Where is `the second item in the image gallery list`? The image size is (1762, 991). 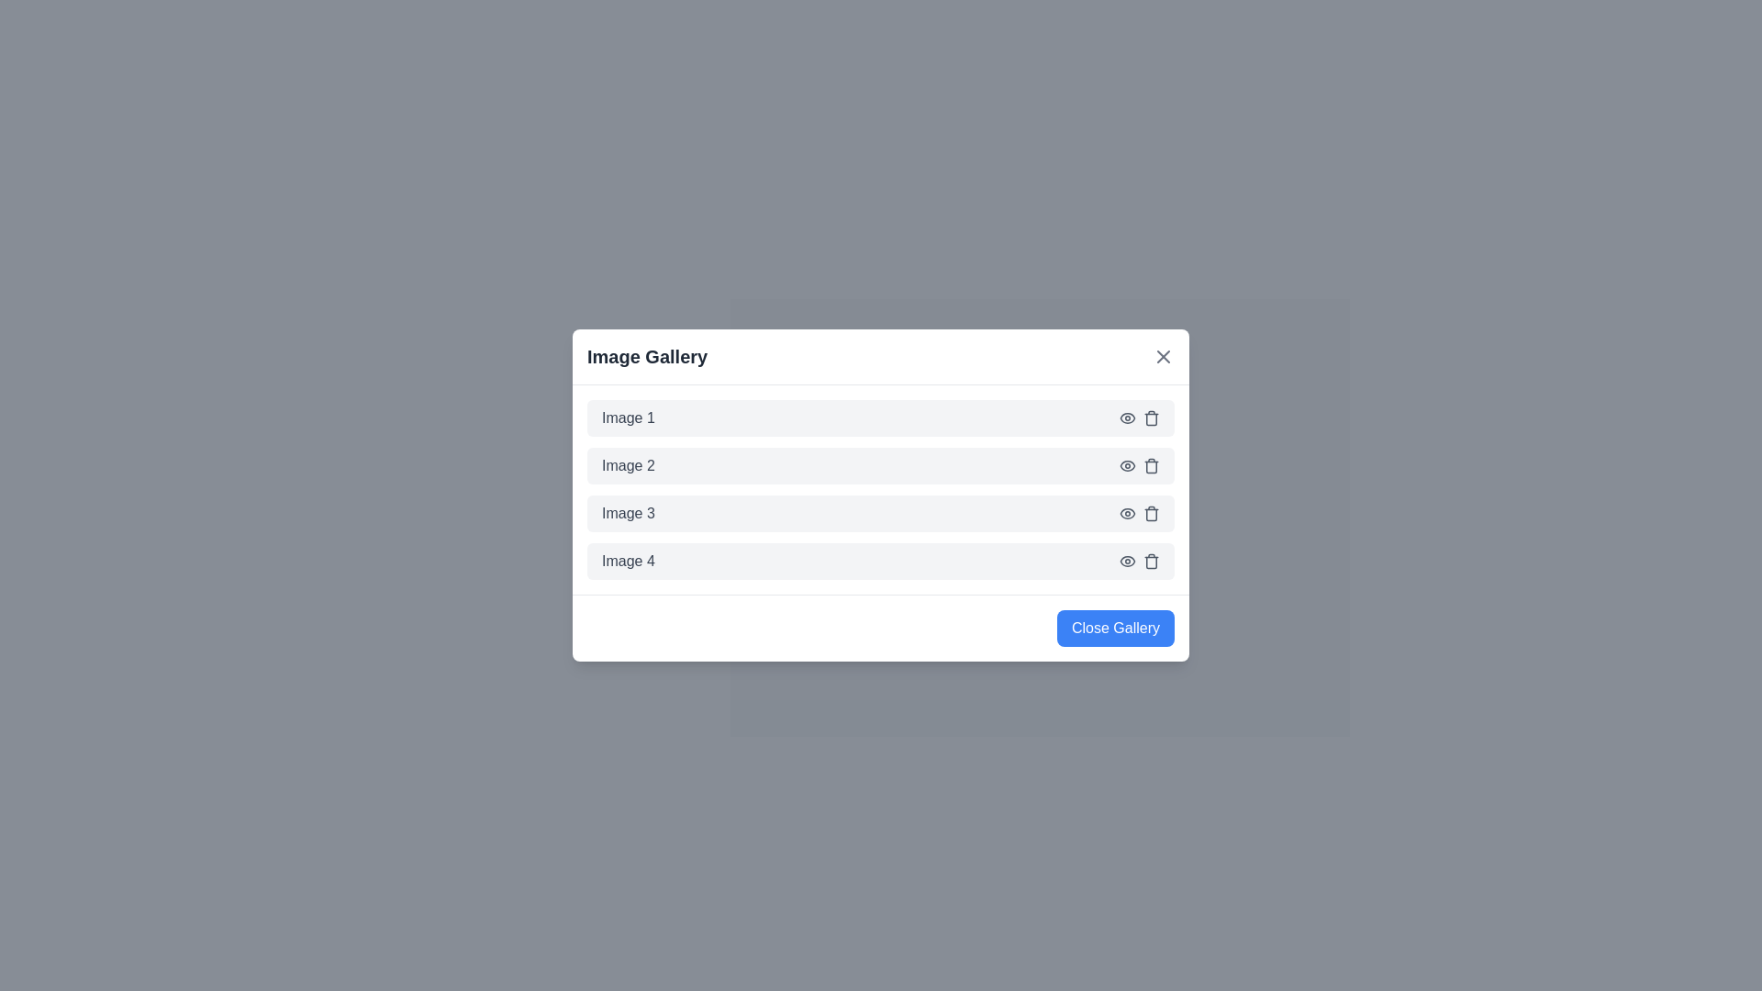
the second item in the image gallery list is located at coordinates (881, 465).